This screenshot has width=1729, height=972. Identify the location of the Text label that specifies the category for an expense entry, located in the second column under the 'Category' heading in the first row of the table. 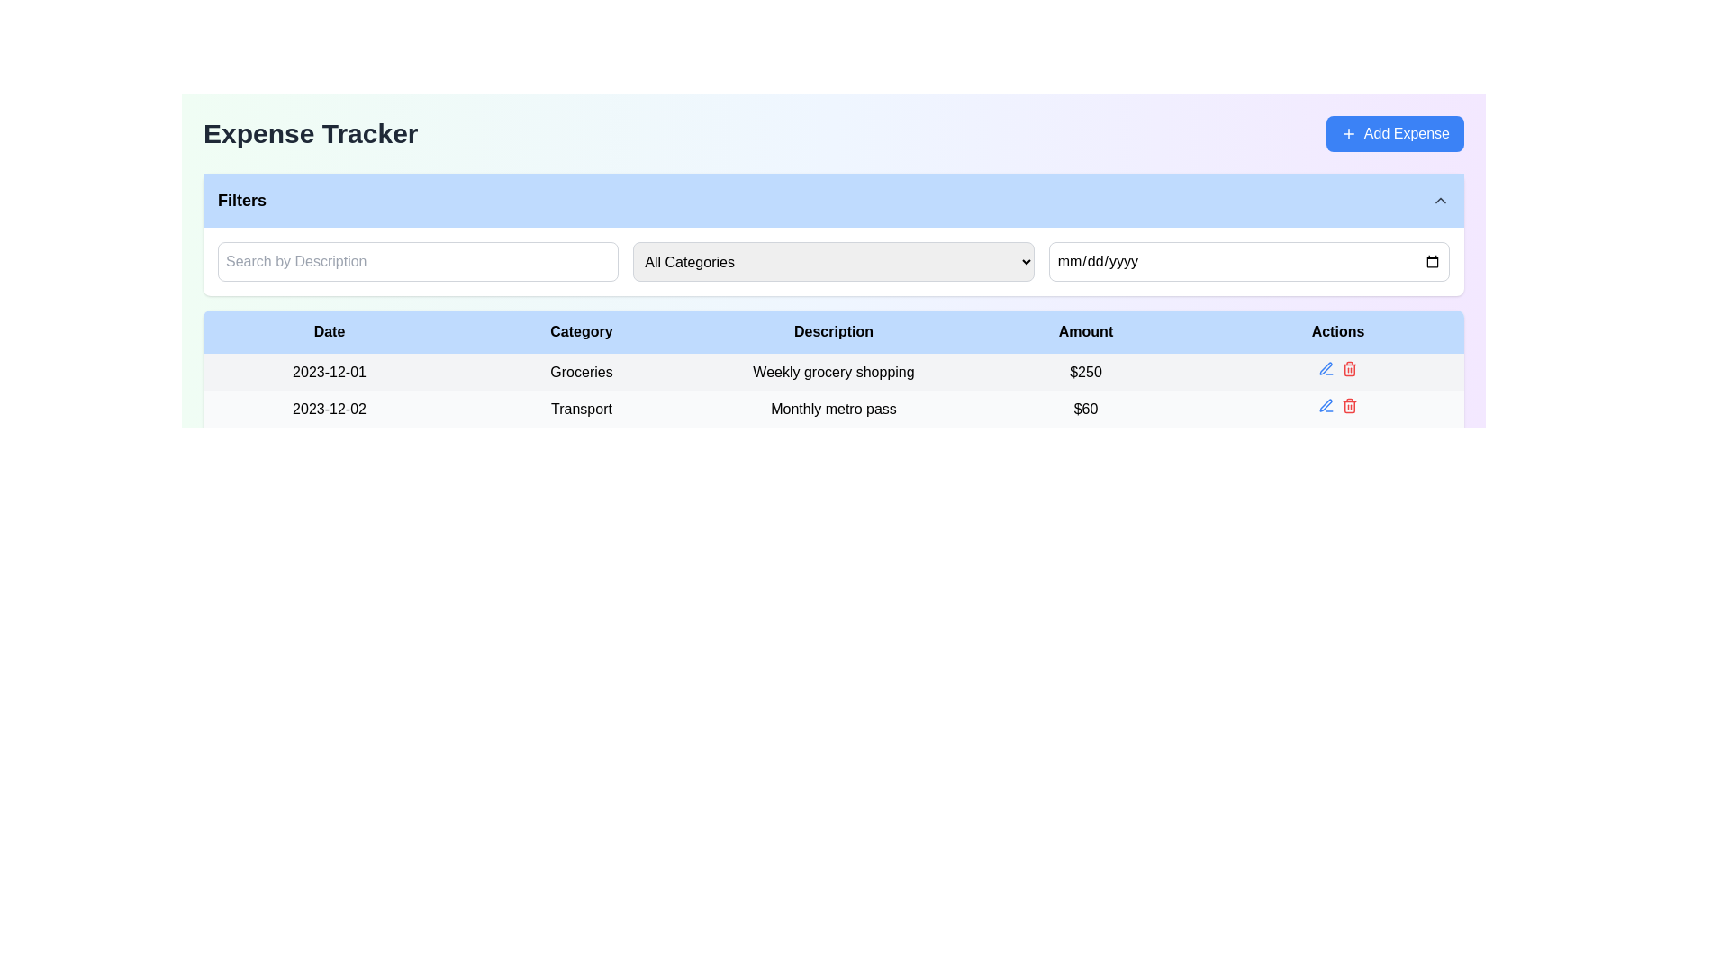
(582, 370).